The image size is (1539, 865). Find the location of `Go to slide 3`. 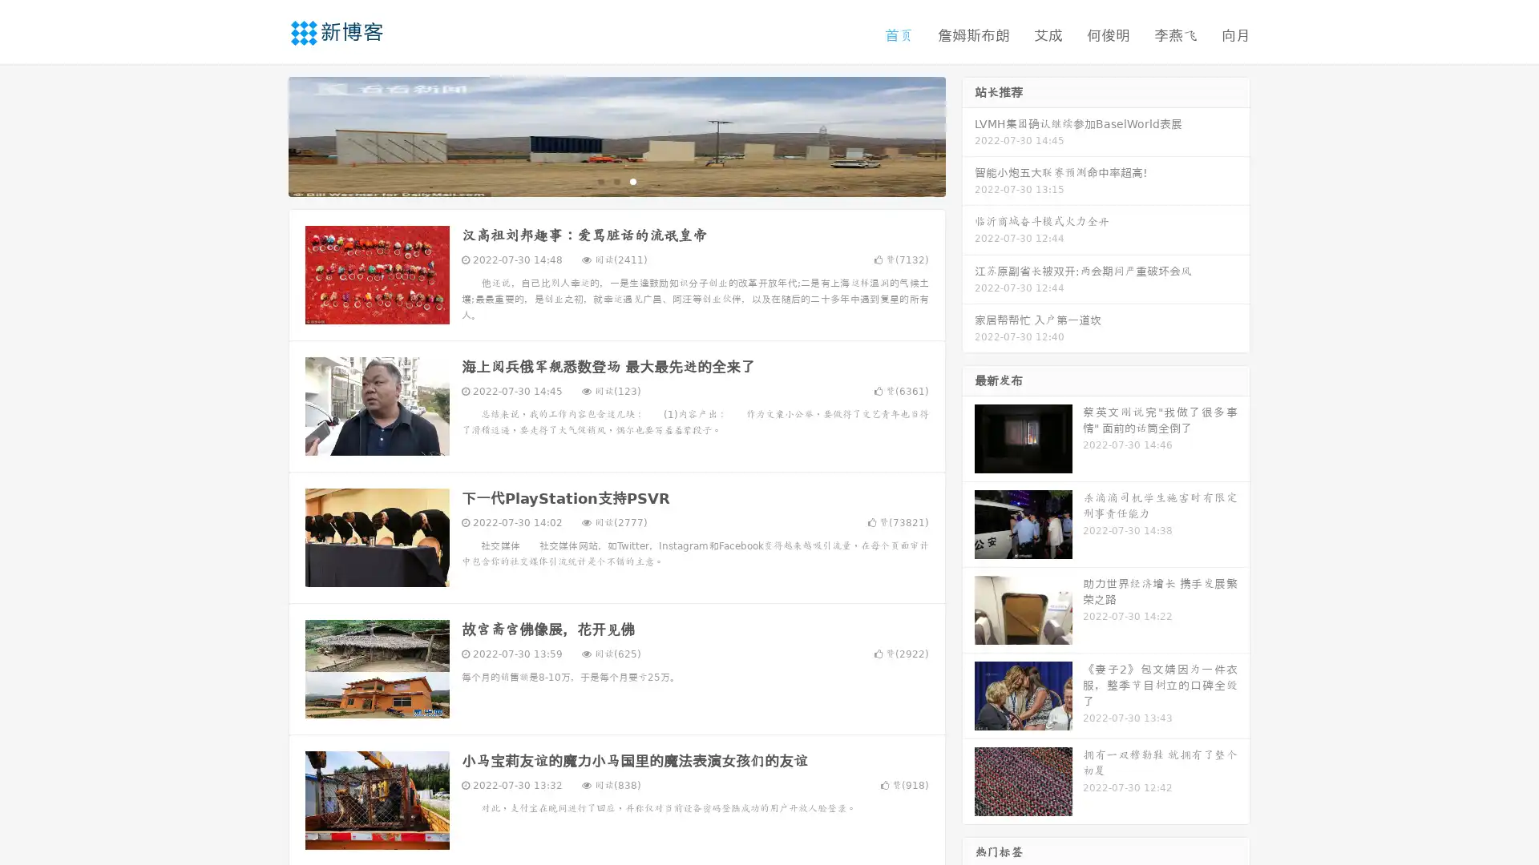

Go to slide 3 is located at coordinates (632, 180).